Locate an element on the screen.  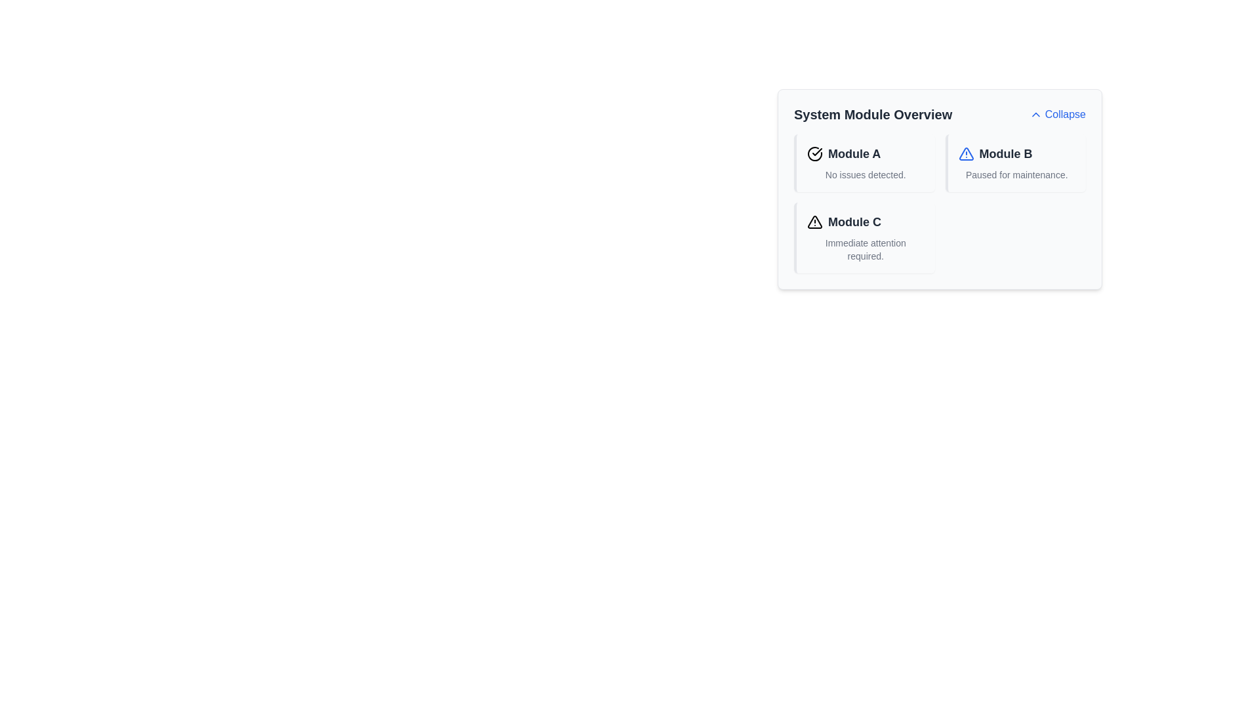
text content of the display showing 'Paused for maintenance.' located beneath the 'Module B' heading in a small-sized gray font is located at coordinates (1016, 174).